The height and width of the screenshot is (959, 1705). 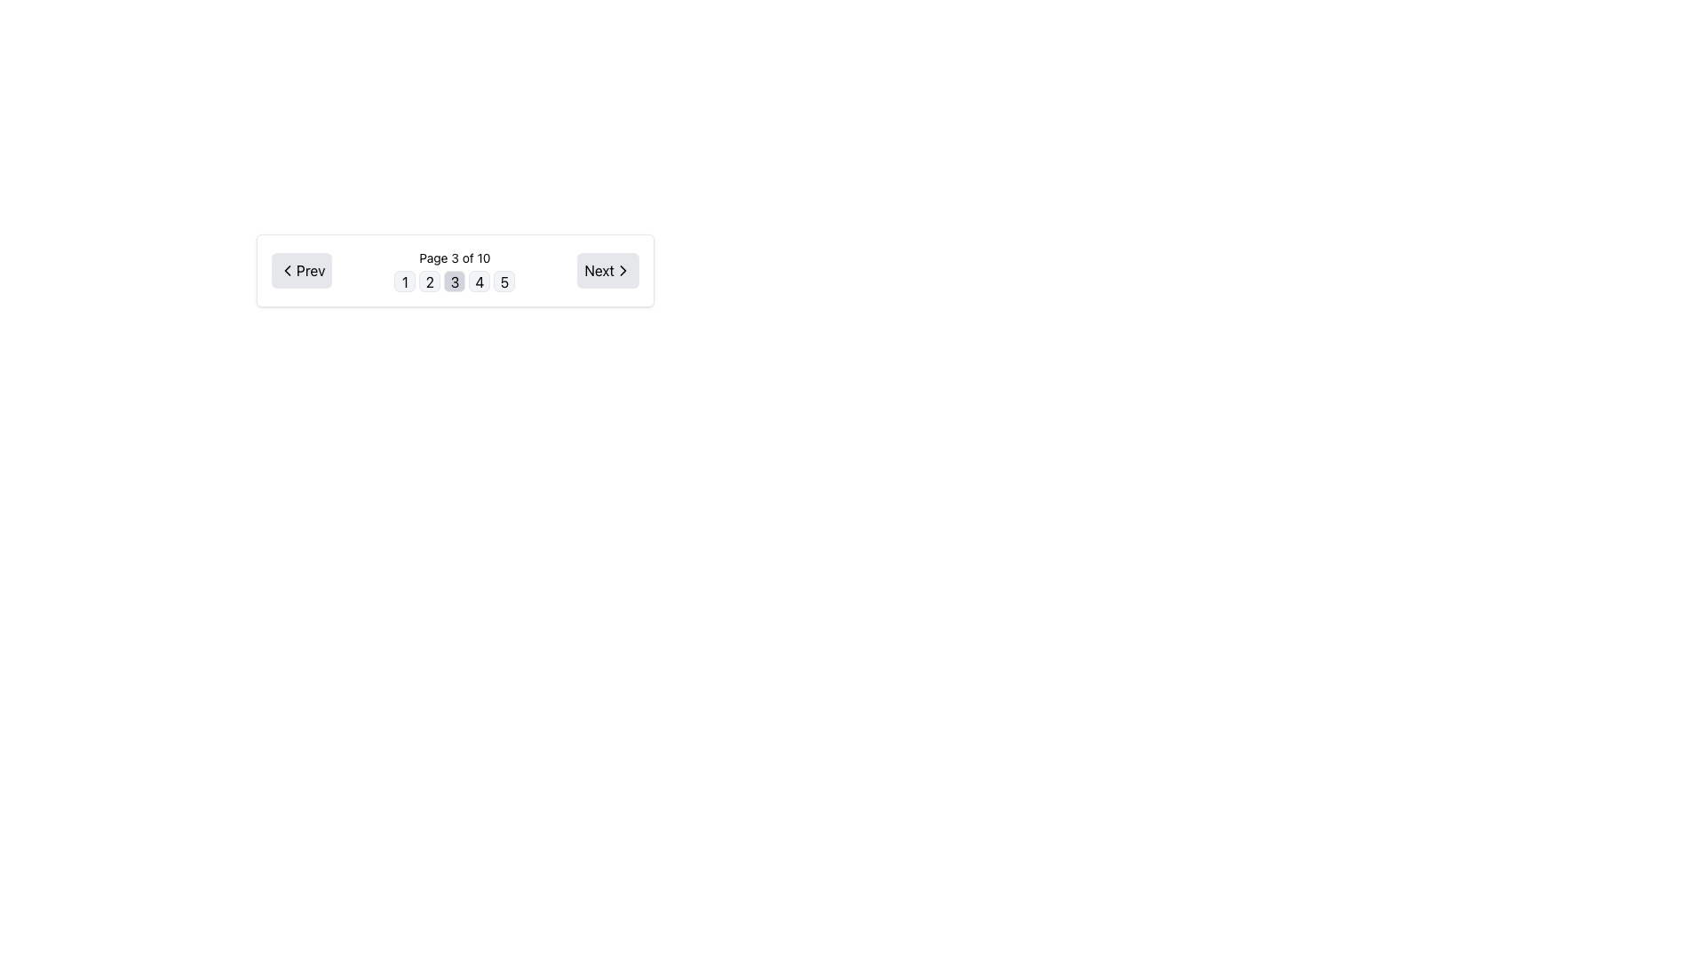 I want to click on the pagination button representing the number '5', so click(x=504, y=280).